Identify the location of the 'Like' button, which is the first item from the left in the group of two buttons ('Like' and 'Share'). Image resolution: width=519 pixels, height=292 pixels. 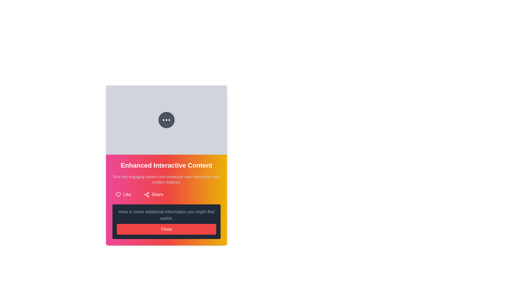
(123, 195).